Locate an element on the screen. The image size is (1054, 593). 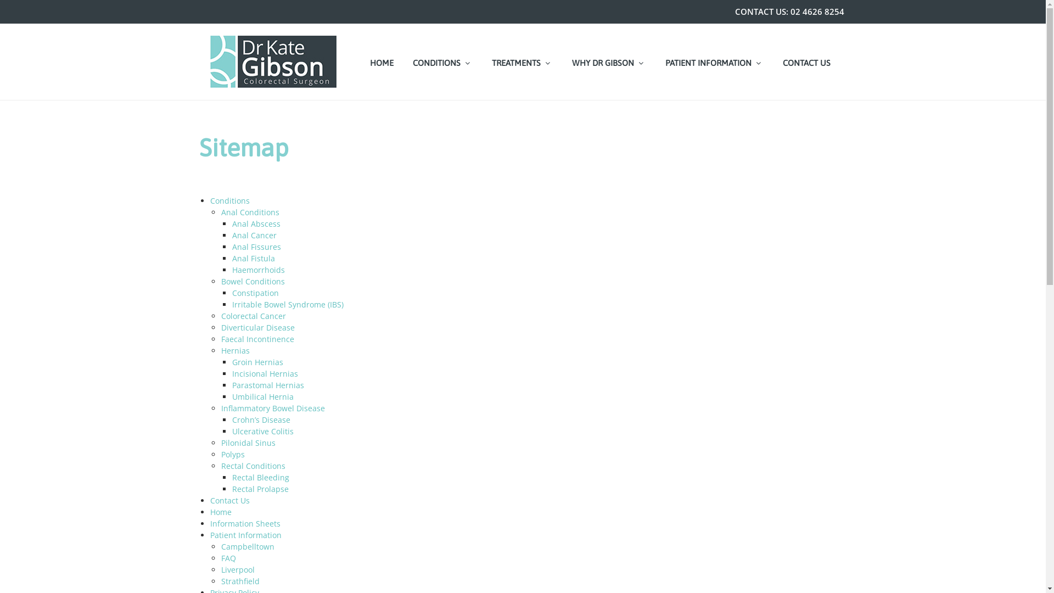
'Rectal Prolapse' is located at coordinates (231, 488).